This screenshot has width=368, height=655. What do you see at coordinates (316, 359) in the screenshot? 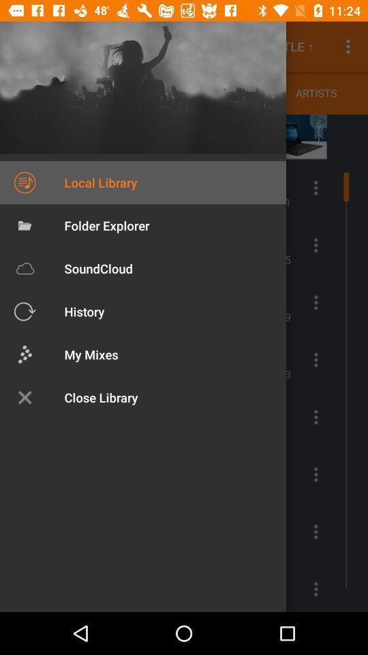
I see `the more icon` at bounding box center [316, 359].